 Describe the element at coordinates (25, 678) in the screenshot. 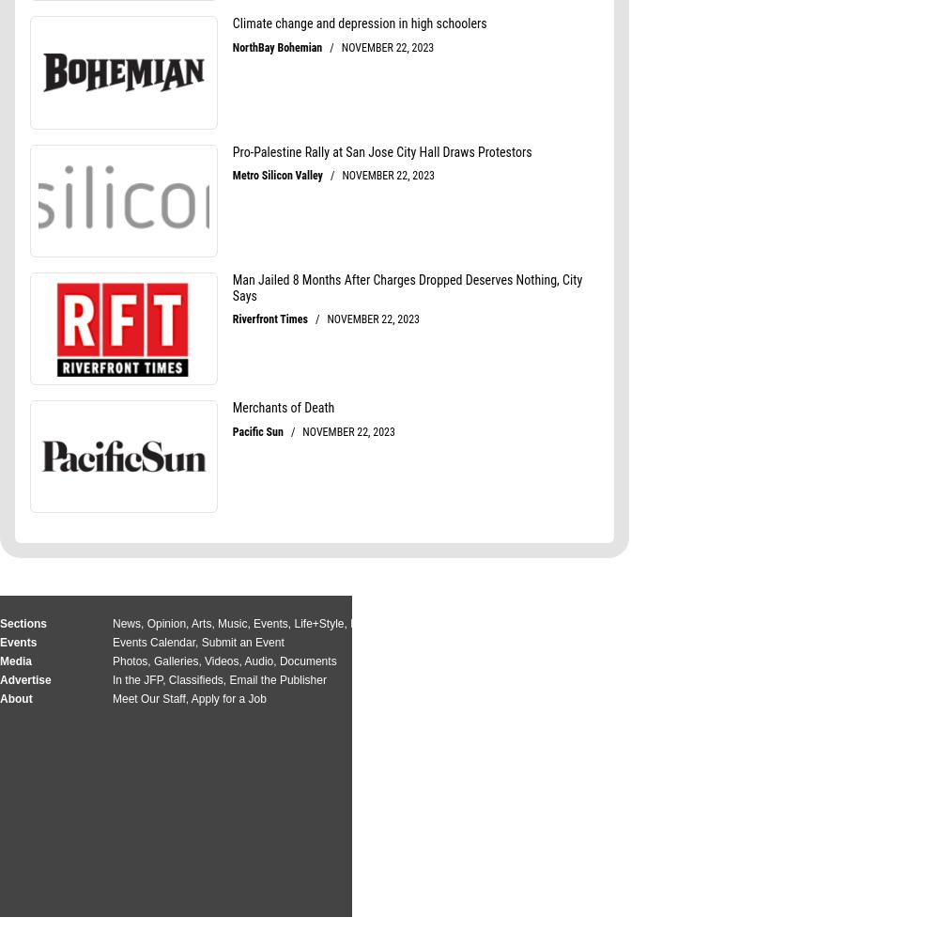

I see `'Advertise'` at that location.